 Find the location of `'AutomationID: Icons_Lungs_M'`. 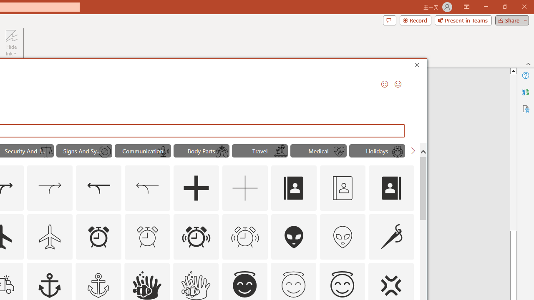

'AutomationID: Icons_Lungs_M' is located at coordinates (222, 152).